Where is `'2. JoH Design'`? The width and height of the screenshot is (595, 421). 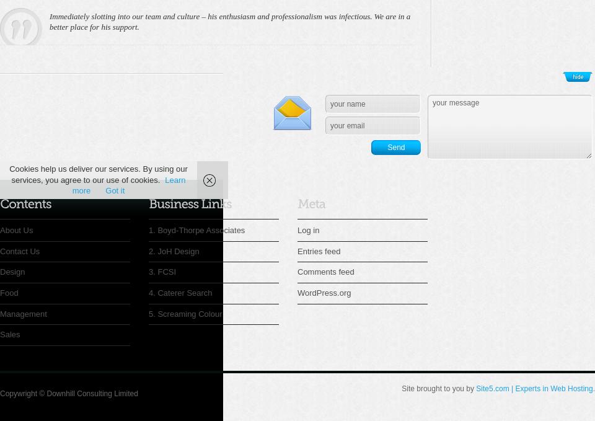 '2. JoH Design' is located at coordinates (173, 250).